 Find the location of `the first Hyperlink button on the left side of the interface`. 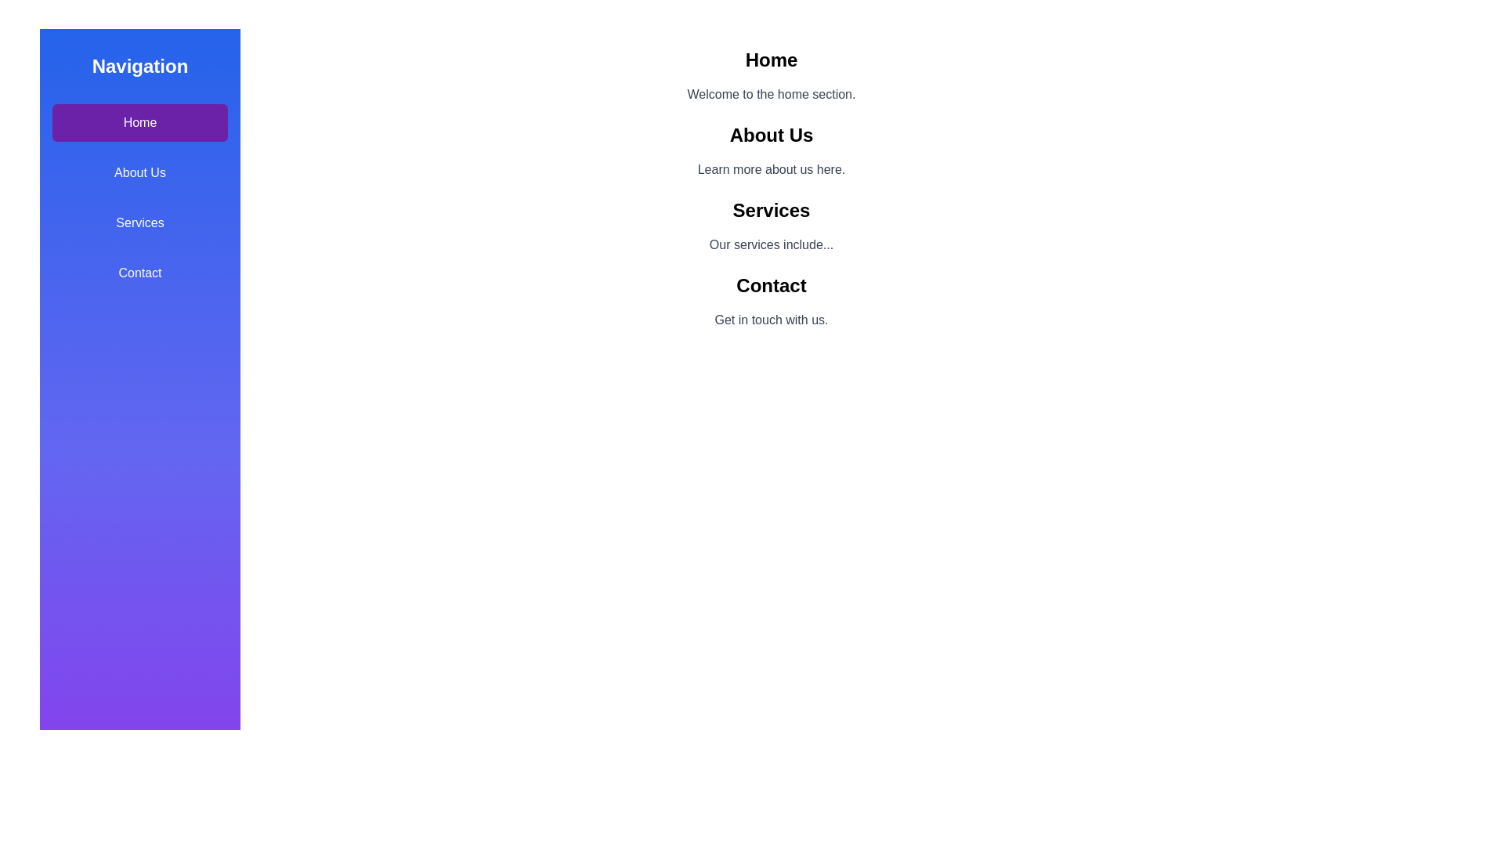

the first Hyperlink button on the left side of the interface is located at coordinates (139, 122).